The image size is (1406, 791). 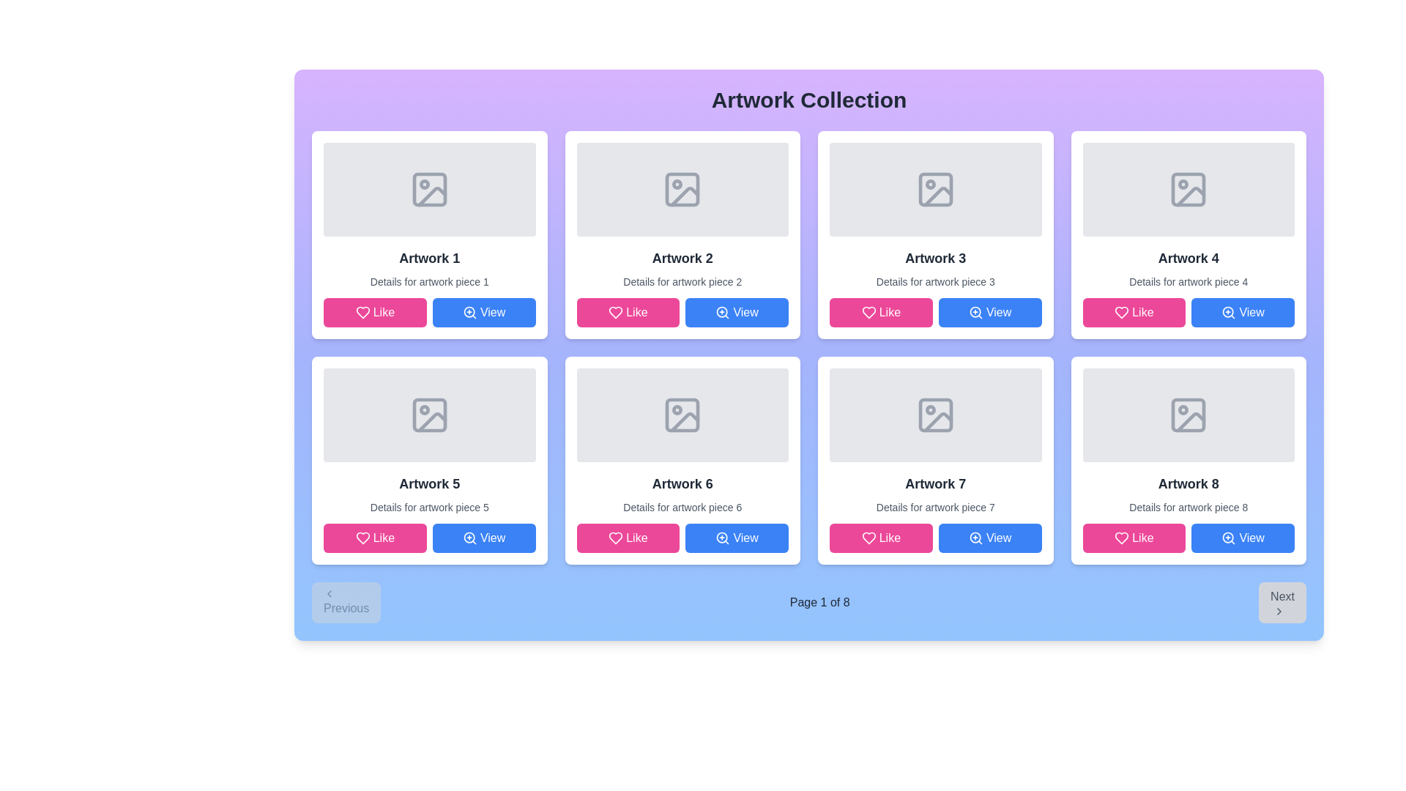 What do you see at coordinates (1183, 183) in the screenshot?
I see `the decorative circle within the SVG icon of the 'Artwork 4' card, located in the top row, fourth column of the 8-card grid layout` at bounding box center [1183, 183].